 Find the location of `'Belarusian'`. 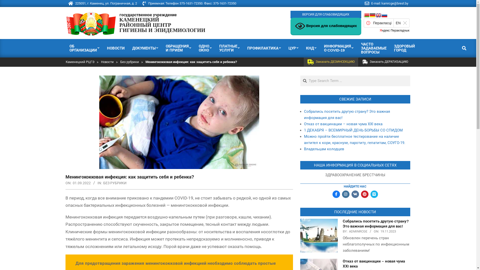

'Belarusian' is located at coordinates (366, 15).